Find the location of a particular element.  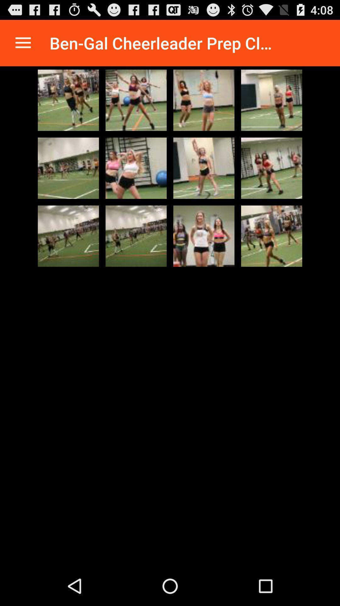

photo thumbnail is located at coordinates (68, 168).